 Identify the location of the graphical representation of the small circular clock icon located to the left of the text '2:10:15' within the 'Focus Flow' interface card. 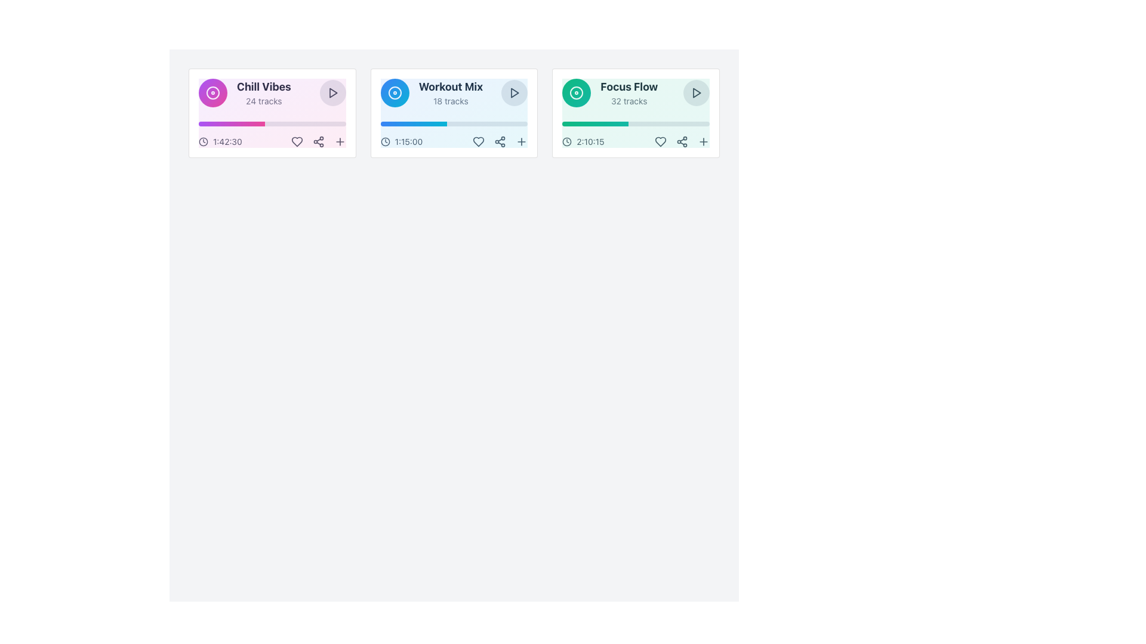
(566, 141).